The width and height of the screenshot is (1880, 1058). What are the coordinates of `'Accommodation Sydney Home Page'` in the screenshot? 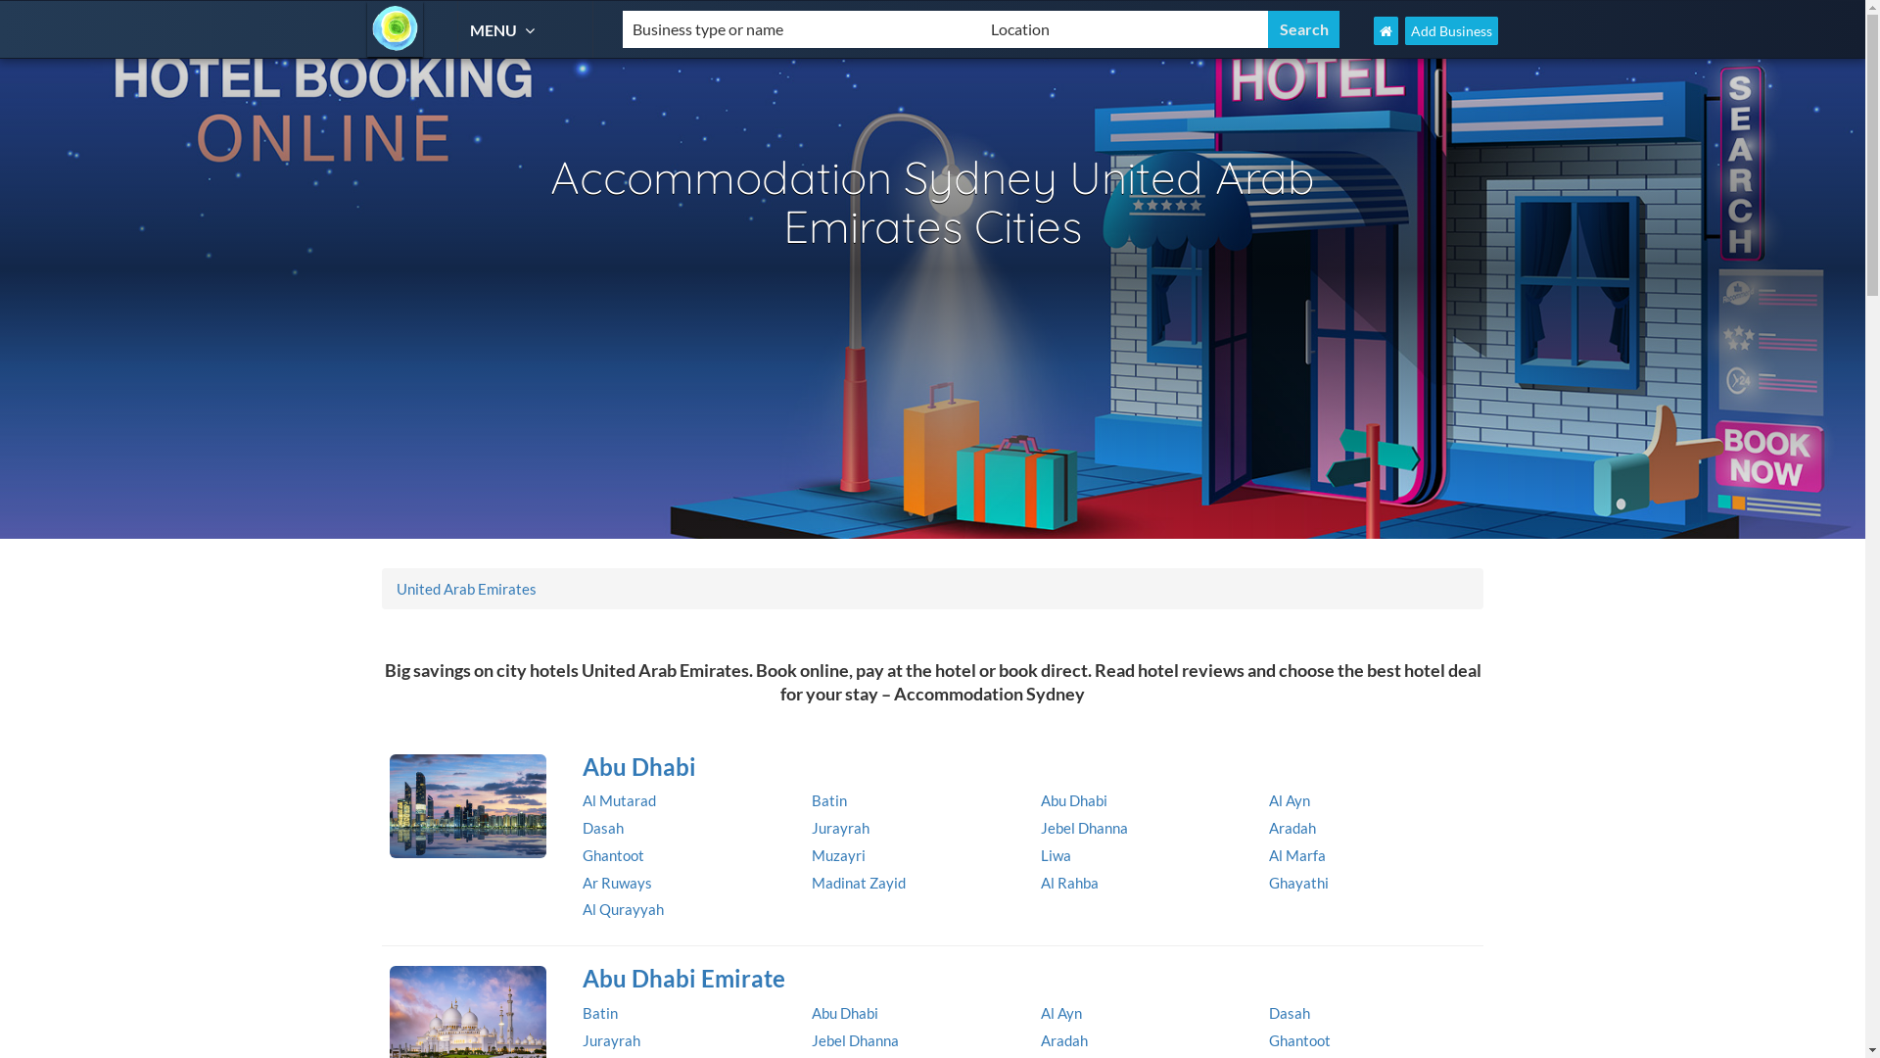 It's located at (1385, 30).